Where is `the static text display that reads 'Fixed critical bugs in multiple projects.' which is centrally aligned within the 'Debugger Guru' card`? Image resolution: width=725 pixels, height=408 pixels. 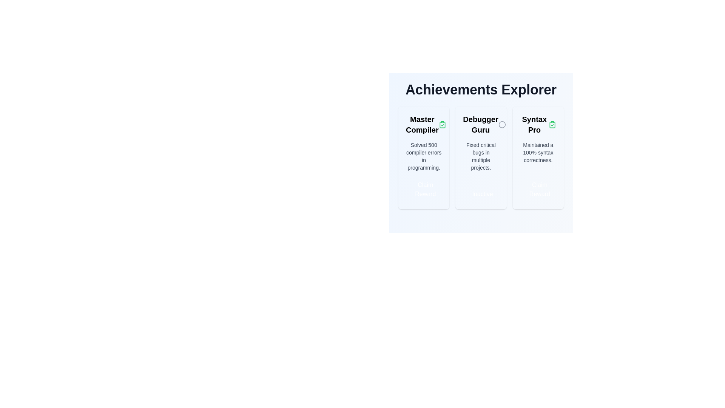
the static text display that reads 'Fixed critical bugs in multiple projects.' which is centrally aligned within the 'Debugger Guru' card is located at coordinates (480, 156).